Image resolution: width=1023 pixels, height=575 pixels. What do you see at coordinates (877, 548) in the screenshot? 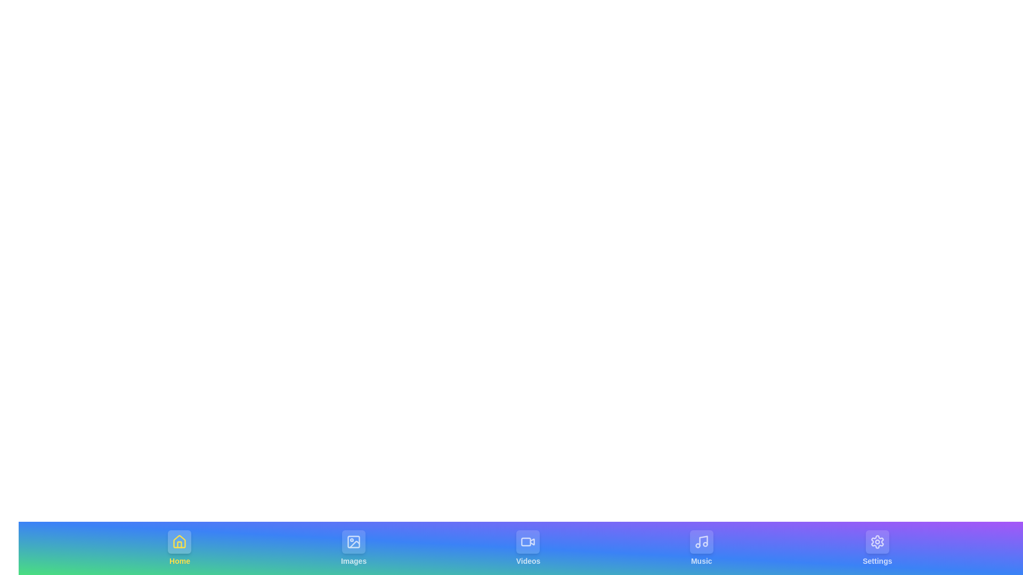
I see `the tab corresponding to Settings` at bounding box center [877, 548].